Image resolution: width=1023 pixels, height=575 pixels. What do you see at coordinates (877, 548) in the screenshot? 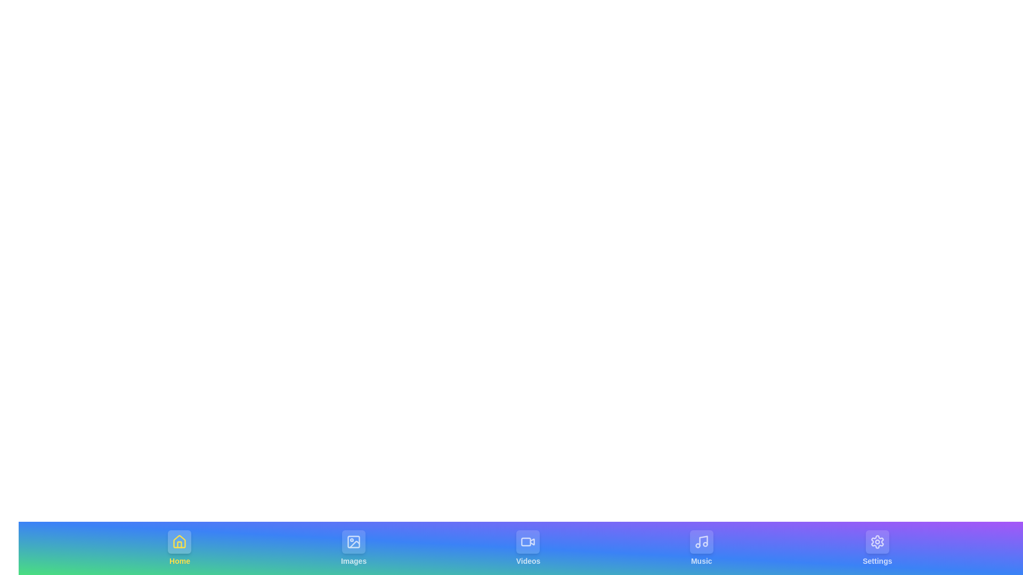
I see `the tab corresponding to Settings` at bounding box center [877, 548].